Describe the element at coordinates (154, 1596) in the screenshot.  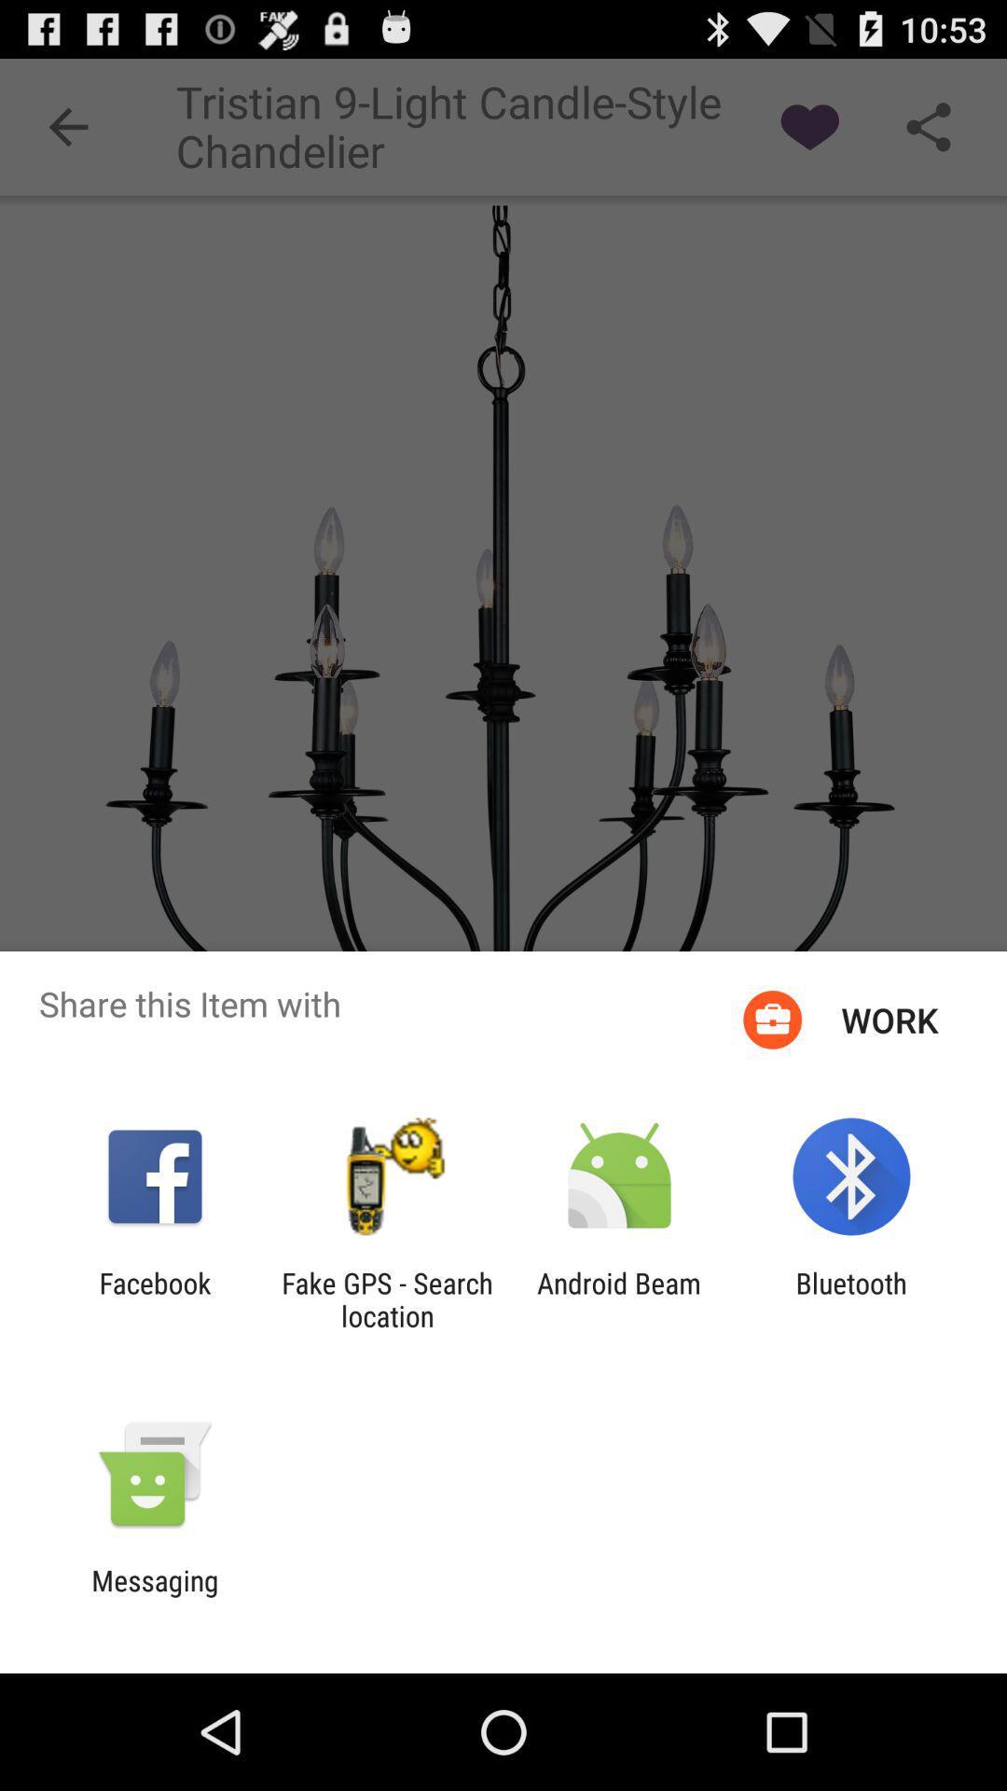
I see `the messaging` at that location.